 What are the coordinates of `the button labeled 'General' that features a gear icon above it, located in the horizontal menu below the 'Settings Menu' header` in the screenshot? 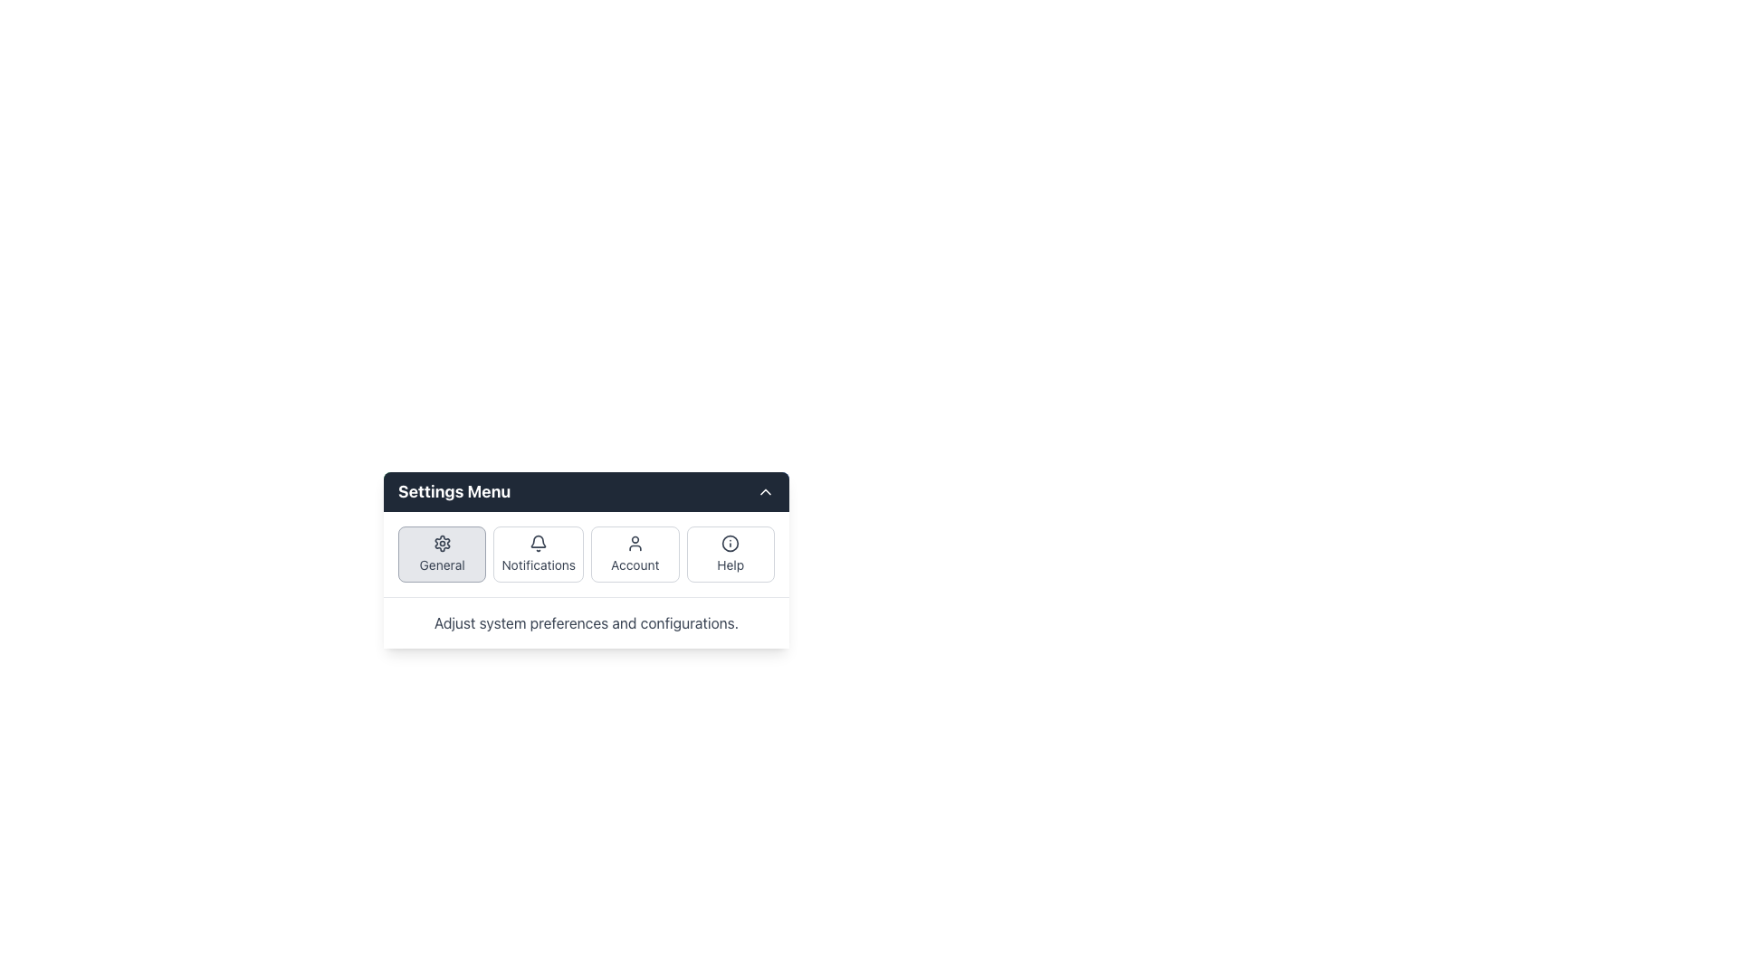 It's located at (442, 554).